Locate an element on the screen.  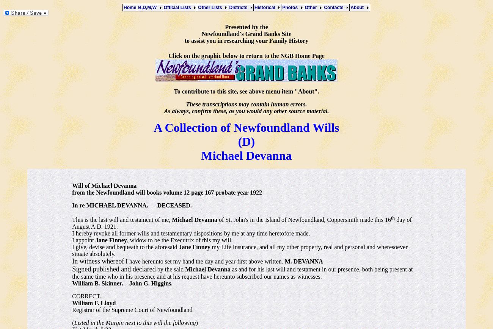
'This is the last will and testament of me,' is located at coordinates (72, 219).